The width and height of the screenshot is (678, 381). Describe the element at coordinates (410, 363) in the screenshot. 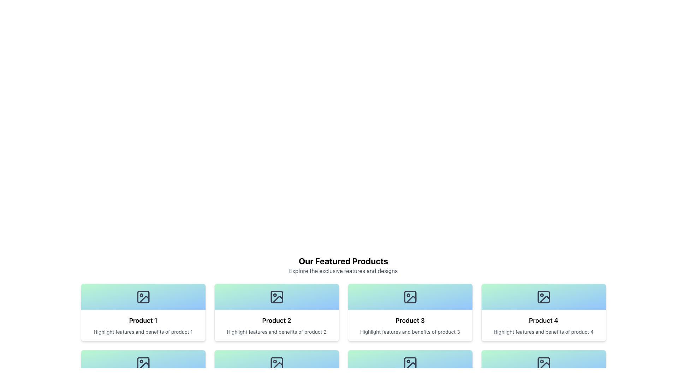

I see `the SVG graphic icon representing an image or photo, located in the lower-right box of the featured products section, styled in gray on a gradient background` at that location.